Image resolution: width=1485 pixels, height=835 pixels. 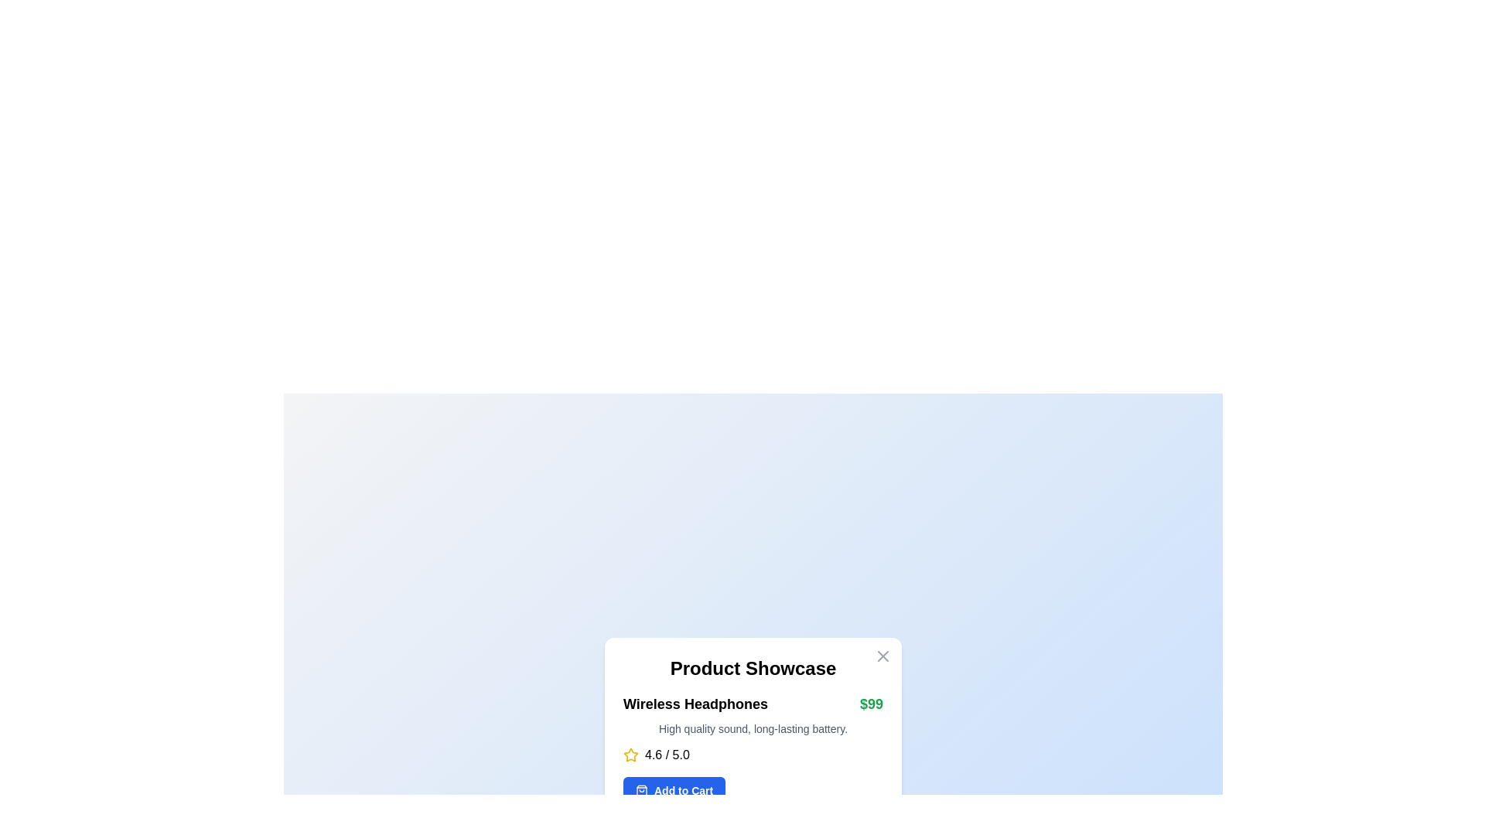 What do you see at coordinates (674, 790) in the screenshot?
I see `the 'Add to Cart' button, which is a rectangular button with a vibrant blue background and white text, located at the bottom of the product information card` at bounding box center [674, 790].